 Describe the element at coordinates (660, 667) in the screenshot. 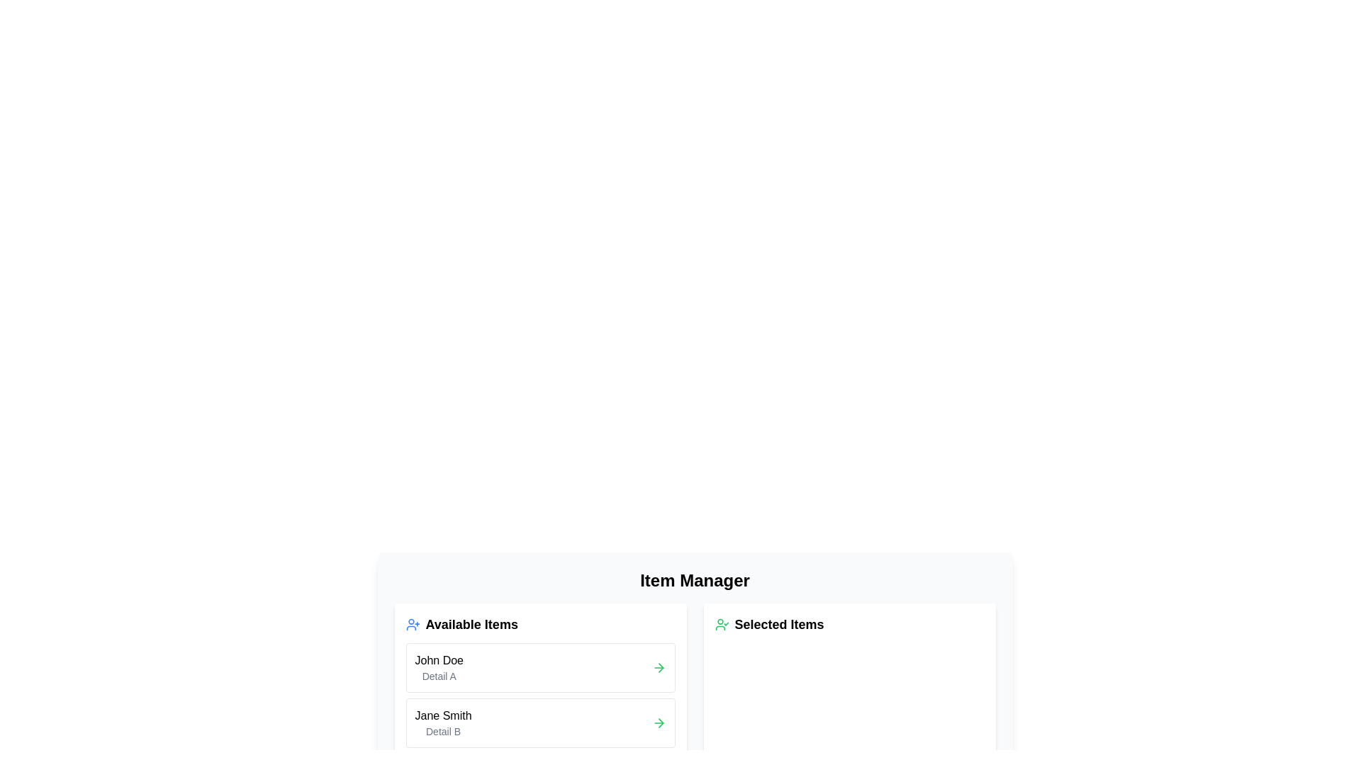

I see `the chevron-shaped right arrow icon located at the extreme right edge of the user entry labeled 'Jane Smith - Detail B'` at that location.